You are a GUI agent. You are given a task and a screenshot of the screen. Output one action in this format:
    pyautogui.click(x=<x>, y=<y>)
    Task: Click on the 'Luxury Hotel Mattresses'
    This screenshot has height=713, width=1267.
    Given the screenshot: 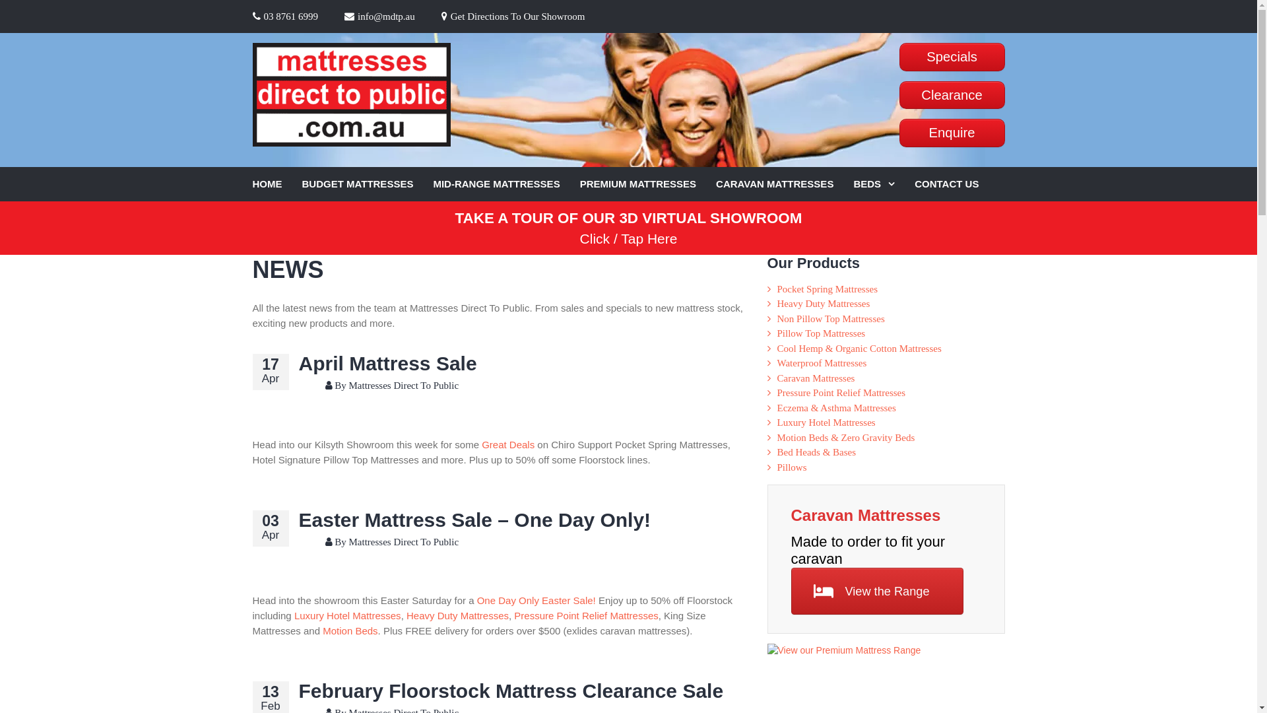 What is the action you would take?
    pyautogui.click(x=294, y=615)
    